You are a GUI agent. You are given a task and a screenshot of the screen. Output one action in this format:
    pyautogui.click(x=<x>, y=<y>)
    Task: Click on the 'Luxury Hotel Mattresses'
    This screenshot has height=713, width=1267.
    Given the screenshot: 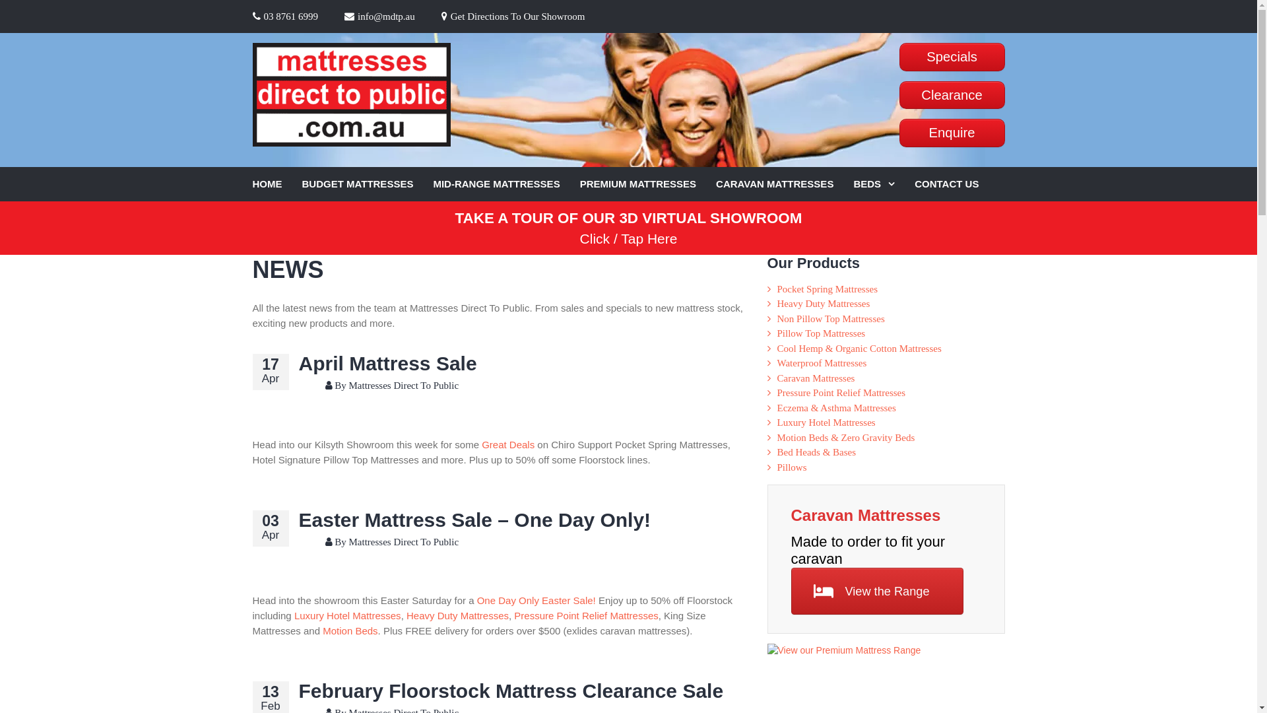 What is the action you would take?
    pyautogui.click(x=294, y=615)
    